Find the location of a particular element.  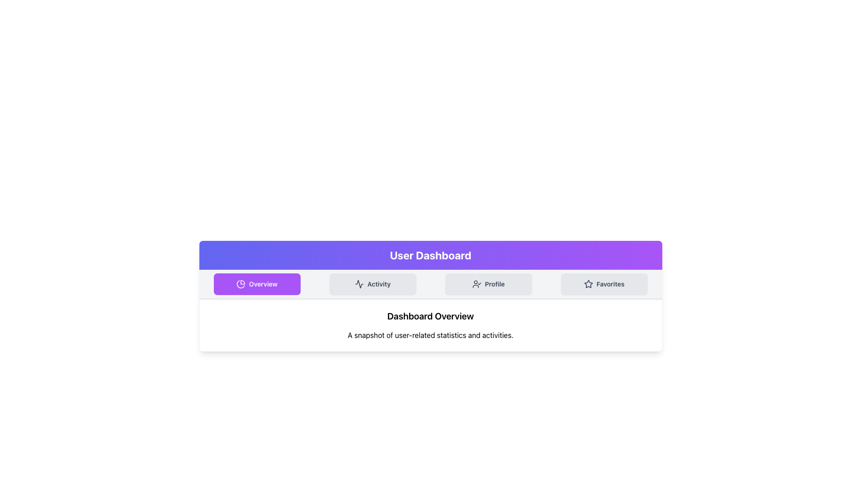

the first button in the navigation bar labeled 'Overview' is located at coordinates (256, 283).